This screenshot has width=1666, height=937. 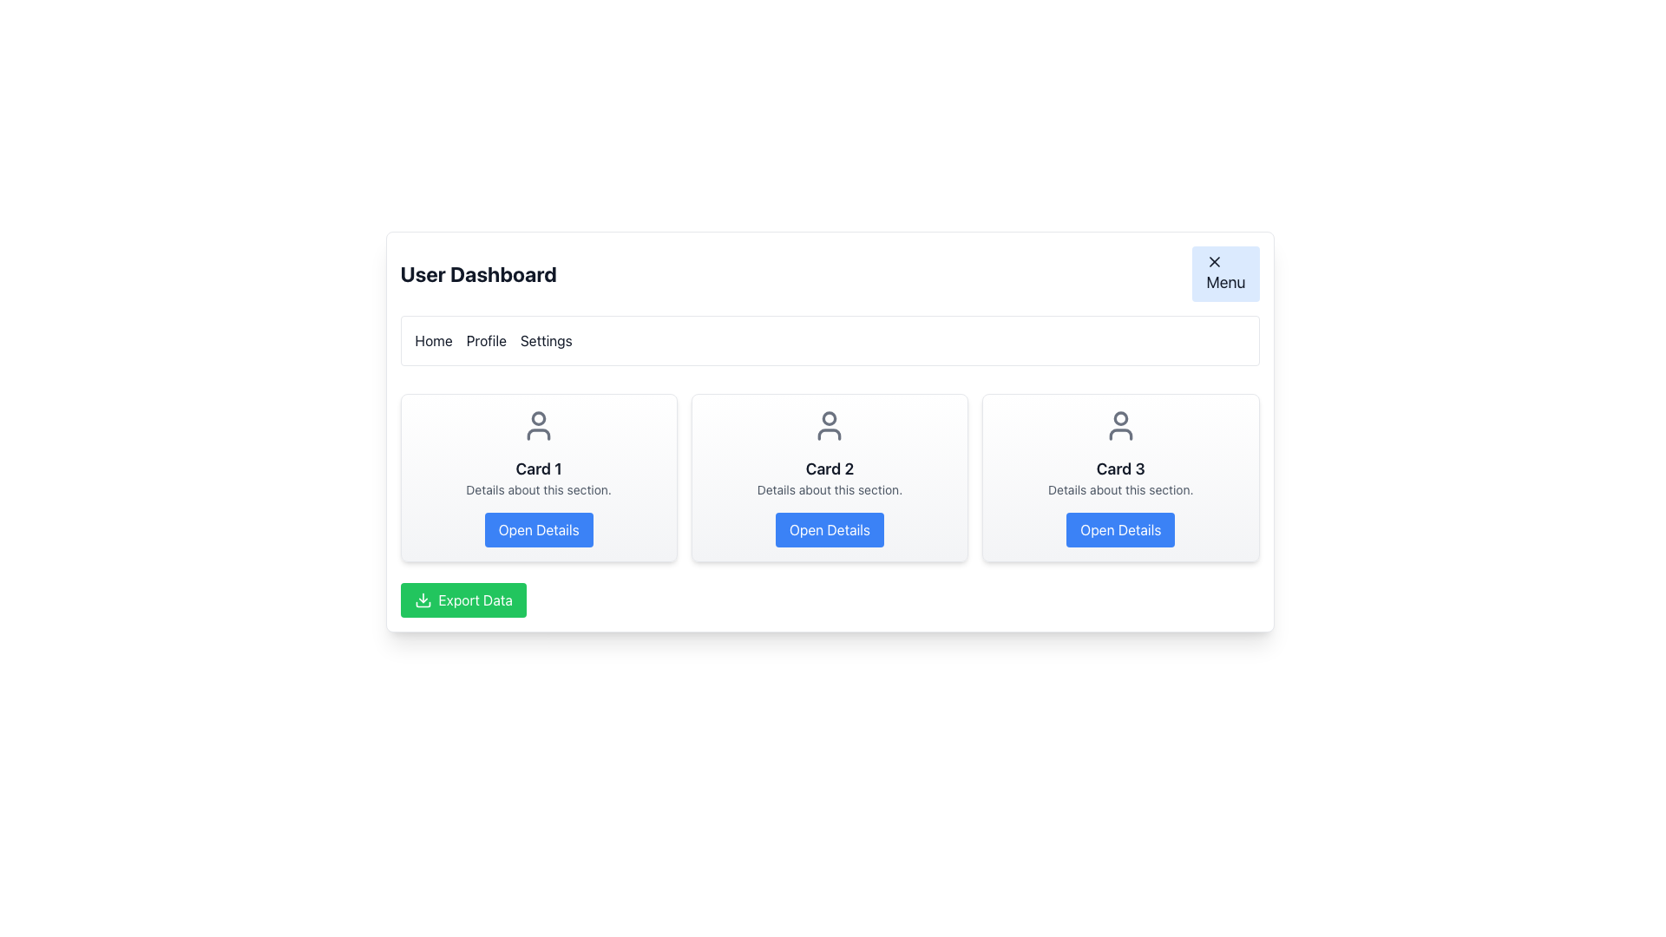 I want to click on the green 'Export Data' button located at the bottom-left section of the interface, directly underneath the informational cards, so click(x=463, y=599).